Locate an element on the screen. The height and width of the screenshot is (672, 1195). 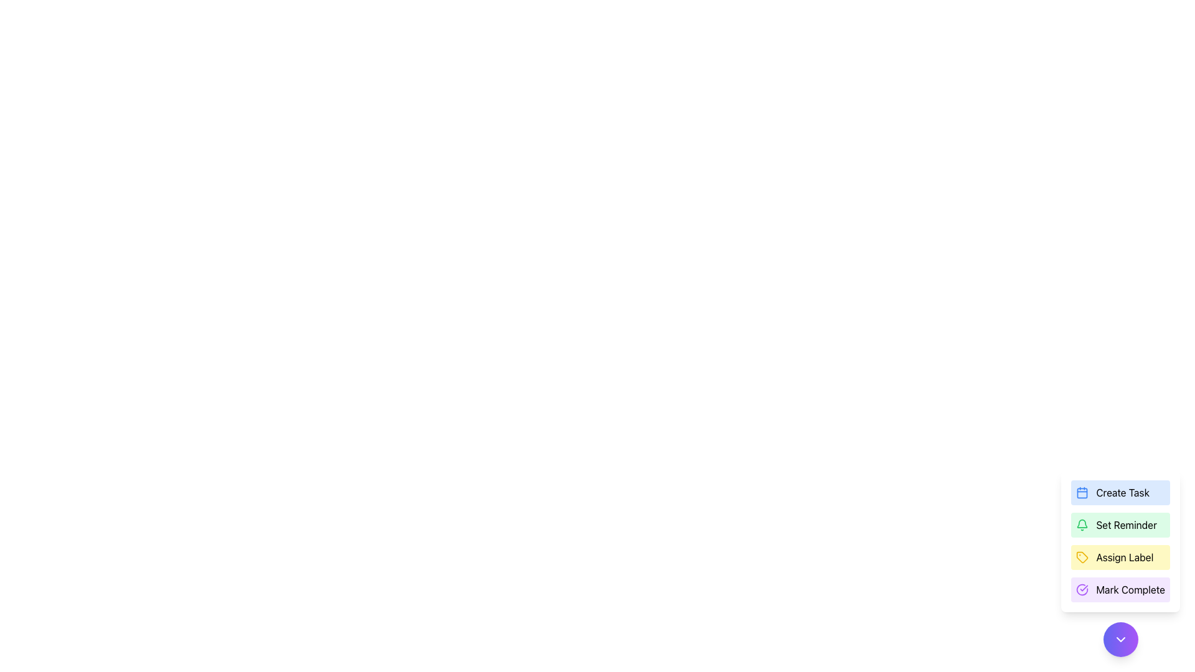
the completion status icon located at the leftmost side of the 'Mark Complete' menu item, which visually indicates the completion status of tasks is located at coordinates (1082, 589).